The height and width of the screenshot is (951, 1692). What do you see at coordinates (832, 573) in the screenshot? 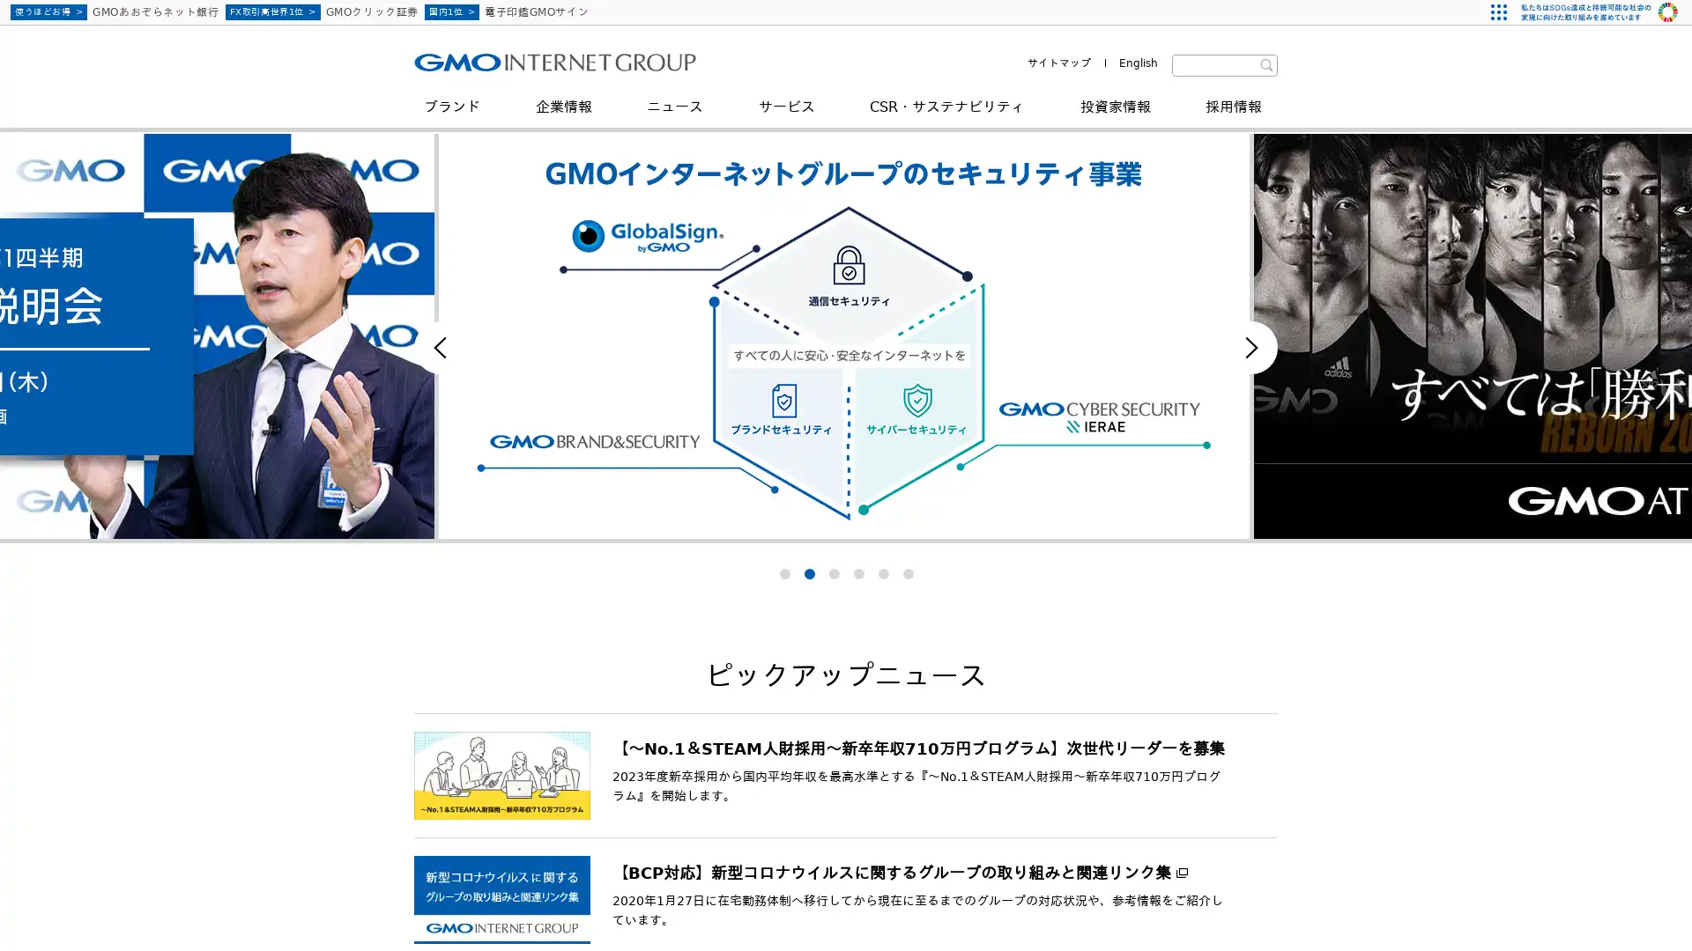
I see `3` at bounding box center [832, 573].